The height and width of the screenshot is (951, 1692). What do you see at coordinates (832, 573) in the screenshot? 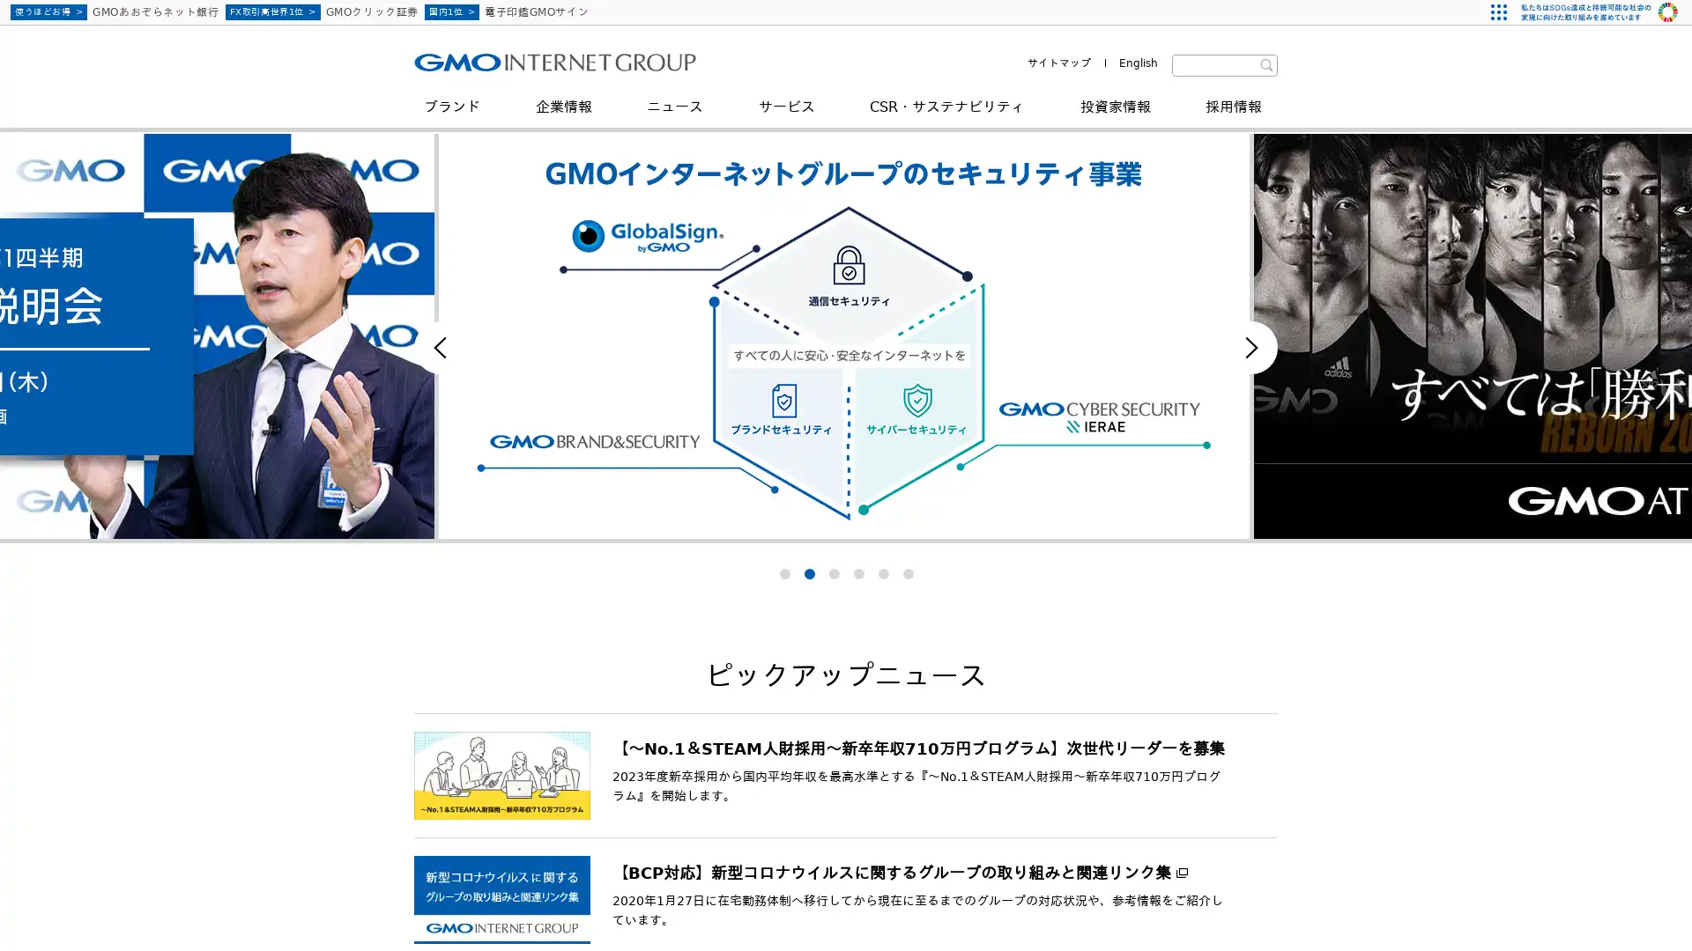
I see `3` at bounding box center [832, 573].